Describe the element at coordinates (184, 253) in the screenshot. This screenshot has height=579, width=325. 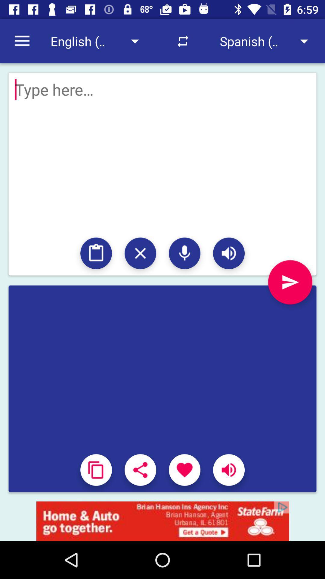
I see `mic` at that location.